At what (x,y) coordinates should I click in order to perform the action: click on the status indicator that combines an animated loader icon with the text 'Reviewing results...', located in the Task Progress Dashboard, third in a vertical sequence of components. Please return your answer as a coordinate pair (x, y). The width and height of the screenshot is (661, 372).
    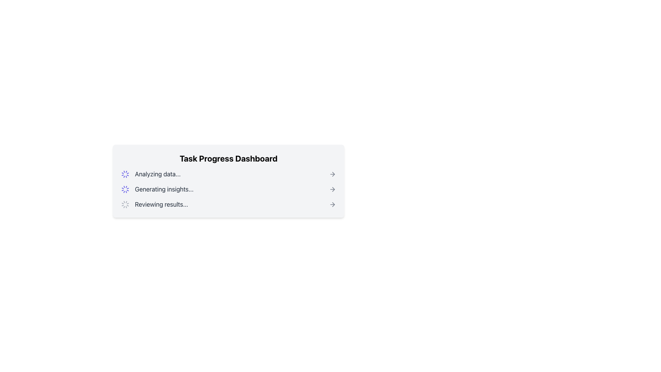
    Looking at the image, I should click on (154, 204).